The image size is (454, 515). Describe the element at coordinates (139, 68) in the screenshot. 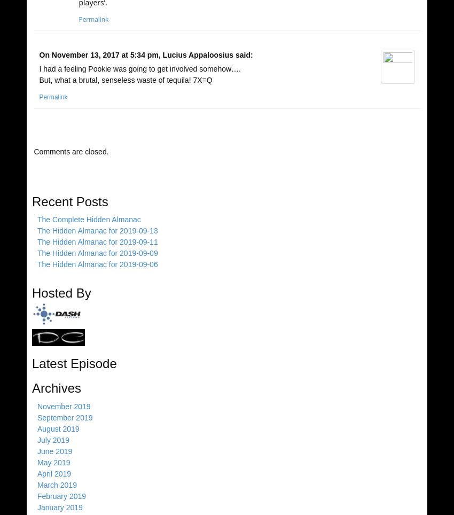

I see `'I had a feeling Pookie was going to get involved somehow….'` at that location.